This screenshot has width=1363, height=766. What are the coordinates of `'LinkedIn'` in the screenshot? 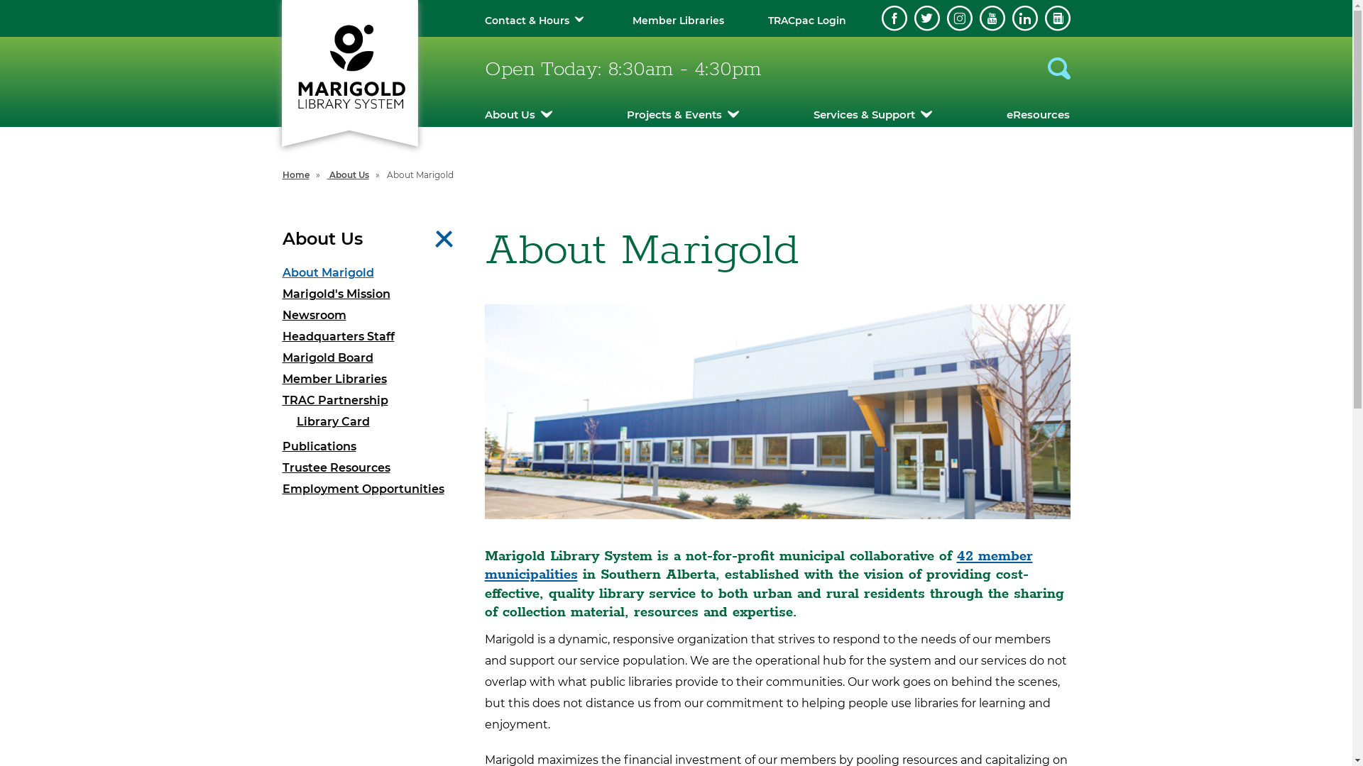 It's located at (1011, 18).